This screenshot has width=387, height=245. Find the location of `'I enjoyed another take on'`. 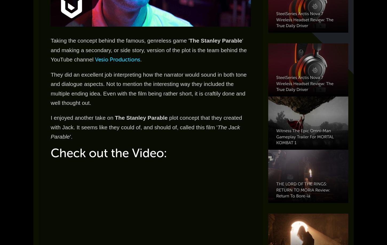

'I enjoyed another take on' is located at coordinates (83, 118).